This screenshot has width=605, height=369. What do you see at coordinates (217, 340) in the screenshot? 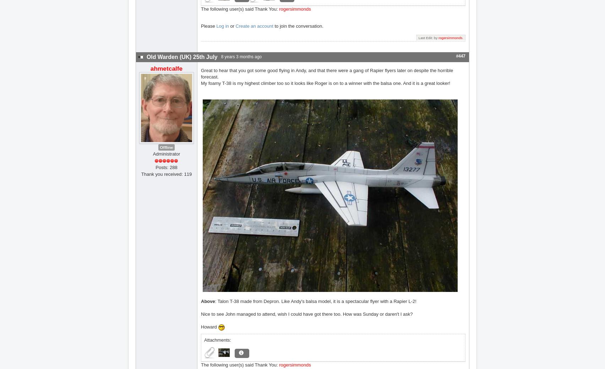
I see `'Attachments:'` at bounding box center [217, 340].